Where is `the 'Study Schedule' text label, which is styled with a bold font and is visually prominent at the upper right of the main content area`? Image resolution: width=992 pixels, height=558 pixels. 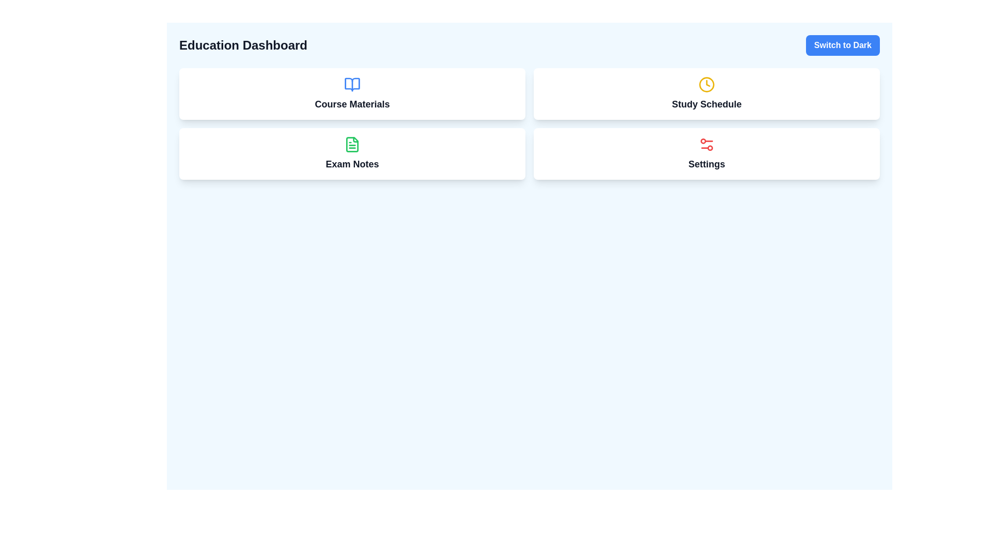 the 'Study Schedule' text label, which is styled with a bold font and is visually prominent at the upper right of the main content area is located at coordinates (706, 104).